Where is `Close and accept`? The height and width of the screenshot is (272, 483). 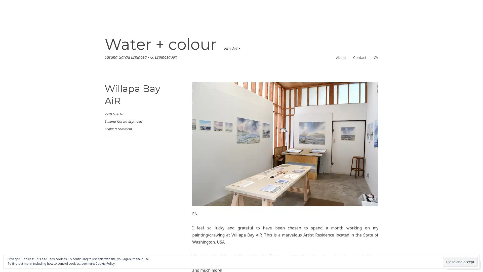 Close and accept is located at coordinates (460, 261).